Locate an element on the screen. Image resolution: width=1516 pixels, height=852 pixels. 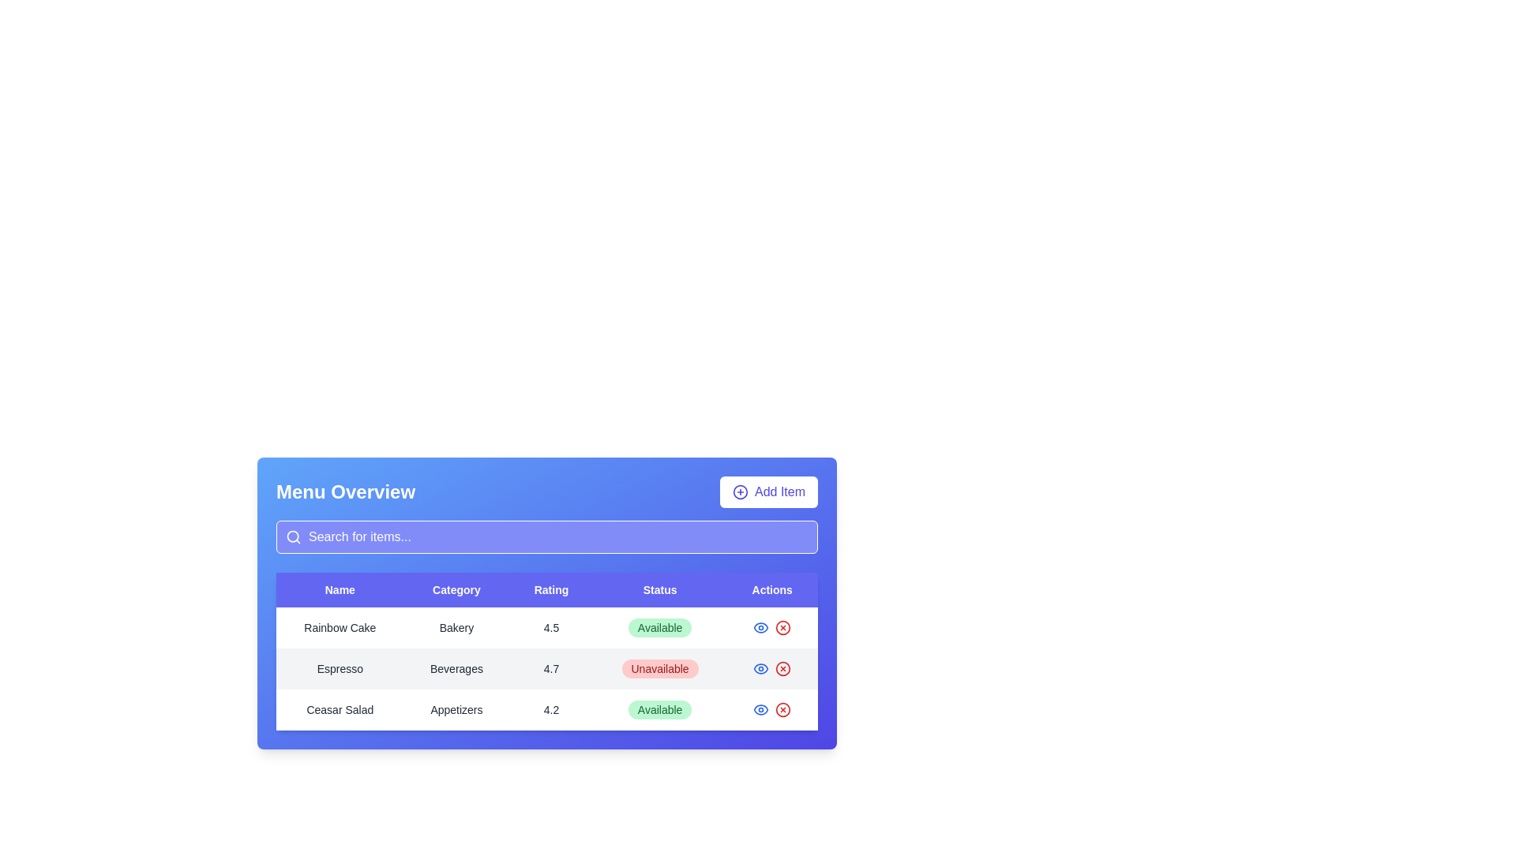
the table cell containing the text 'Espresso' in the 'Menu Overview' table under the 'Beverages' category is located at coordinates (339, 669).